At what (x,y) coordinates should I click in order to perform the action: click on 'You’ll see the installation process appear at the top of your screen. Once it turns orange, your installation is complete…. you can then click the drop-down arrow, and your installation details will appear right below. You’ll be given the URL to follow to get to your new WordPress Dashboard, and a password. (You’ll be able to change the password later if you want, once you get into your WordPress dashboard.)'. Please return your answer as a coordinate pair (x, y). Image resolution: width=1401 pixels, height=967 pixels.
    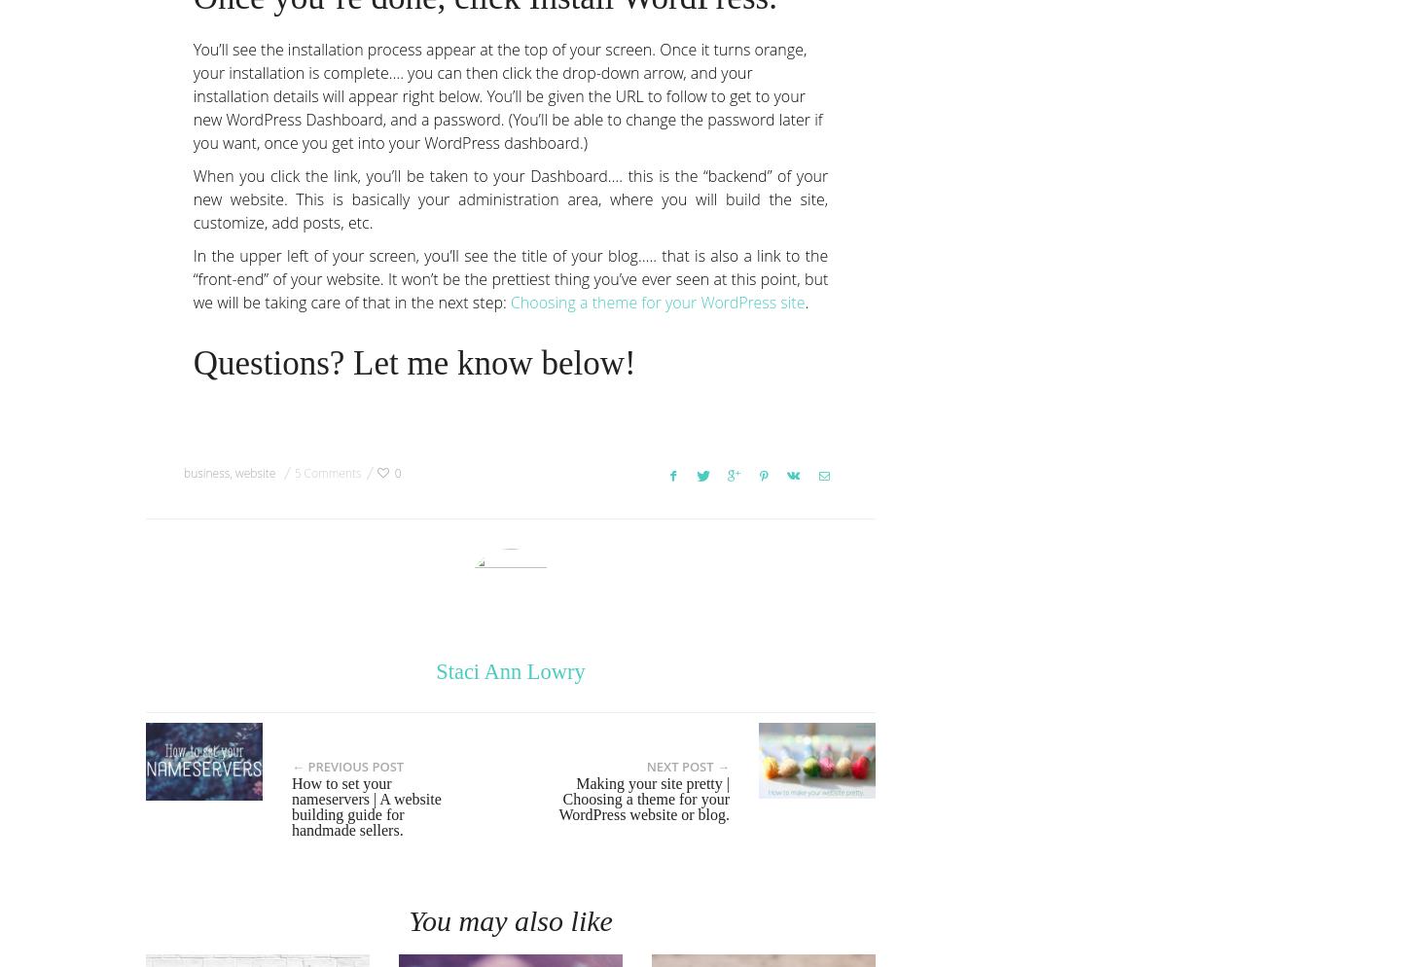
    Looking at the image, I should click on (506, 95).